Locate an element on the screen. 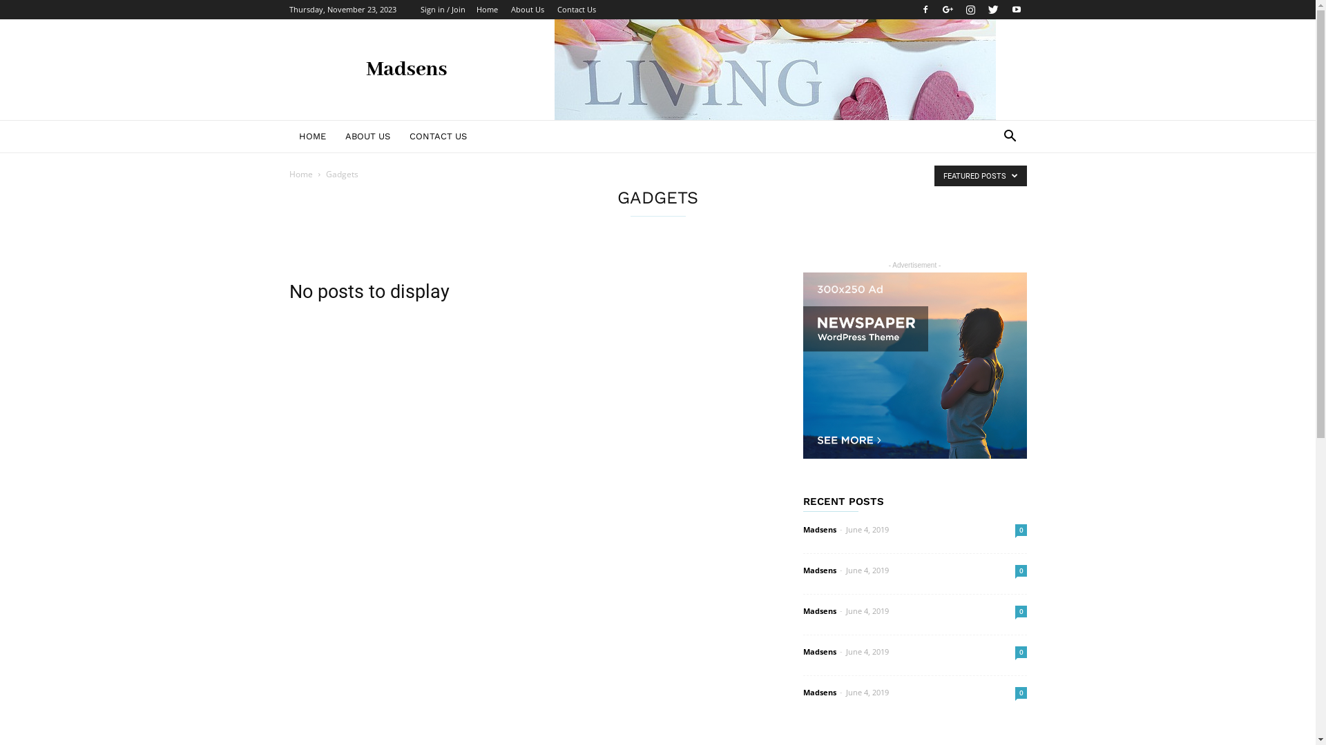 This screenshot has height=745, width=1326. 'About Us' is located at coordinates (526, 9).